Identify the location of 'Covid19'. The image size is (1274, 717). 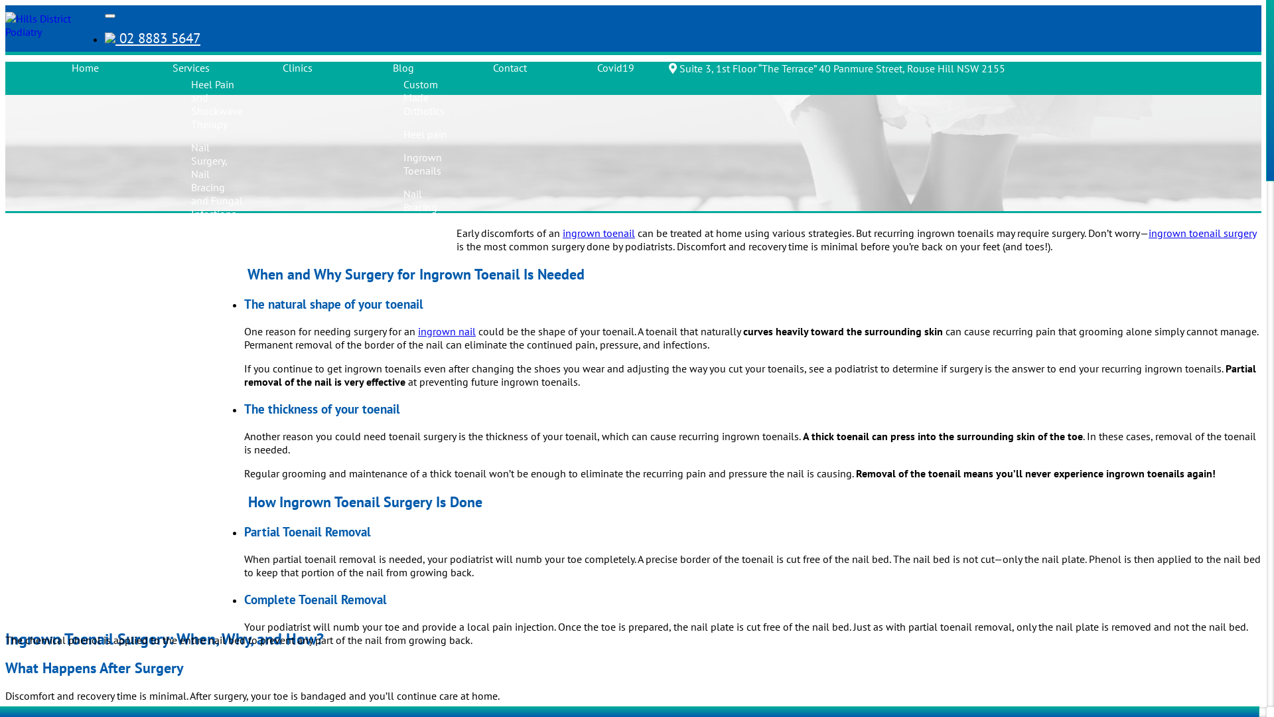
(614, 67).